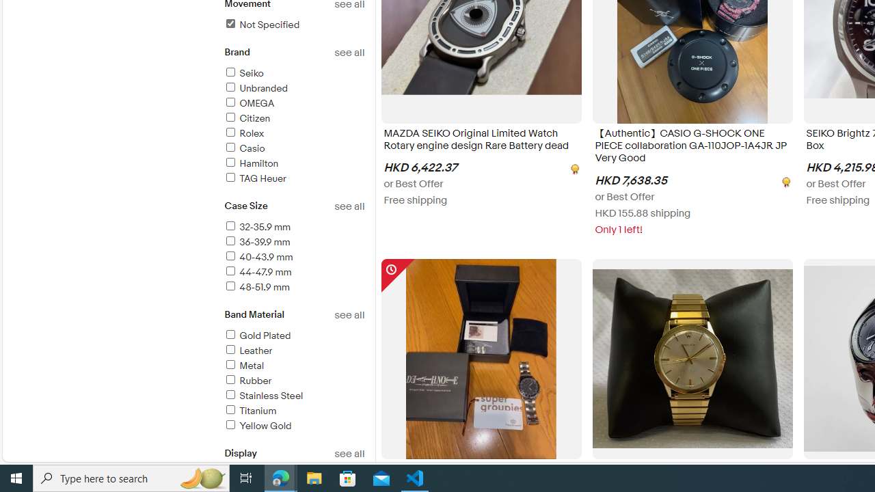  Describe the element at coordinates (293, 336) in the screenshot. I see `'Gold Plated'` at that location.